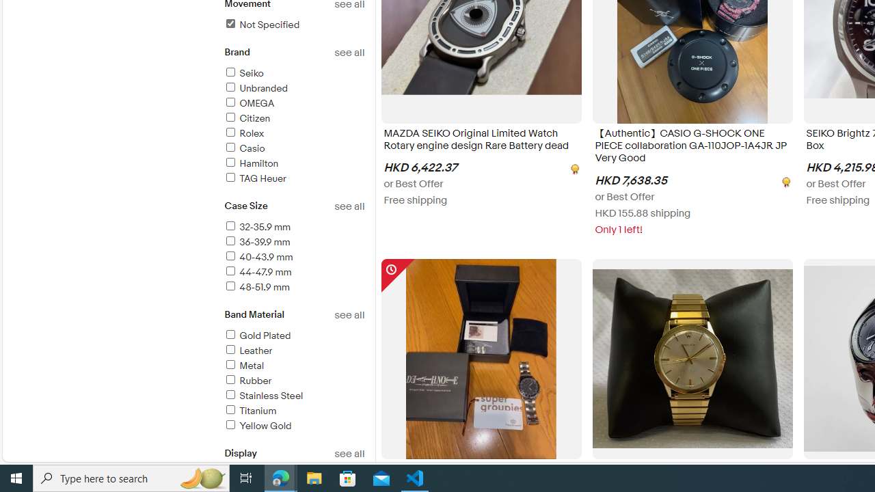  Describe the element at coordinates (293, 336) in the screenshot. I see `'Gold Plated'` at that location.